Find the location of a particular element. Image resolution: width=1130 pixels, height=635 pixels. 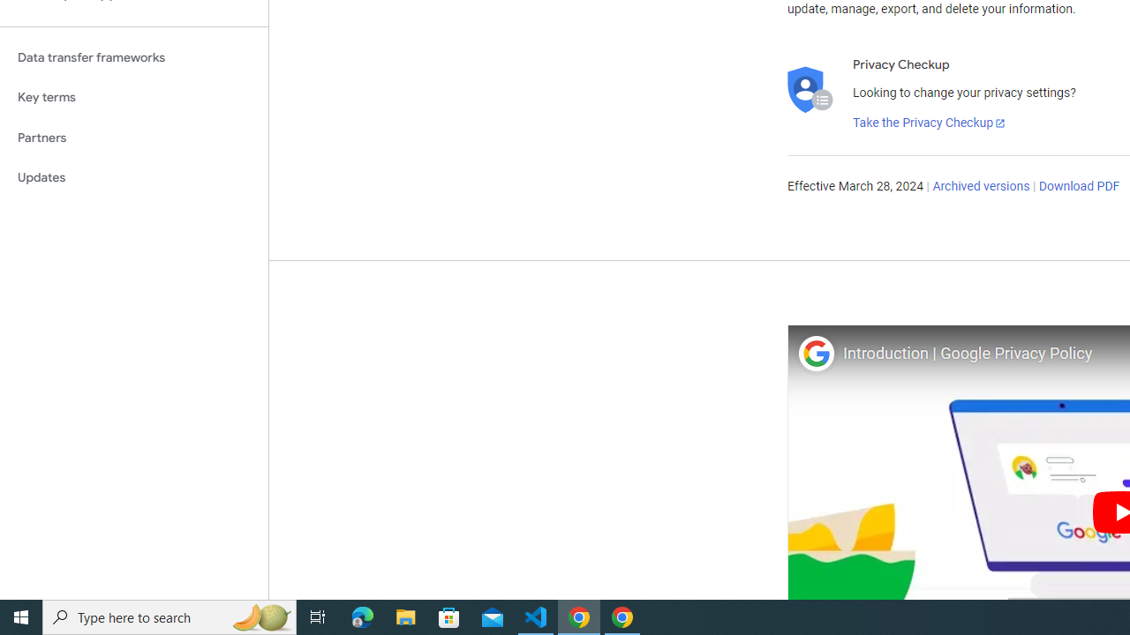

'Photo image of Google' is located at coordinates (815, 353).